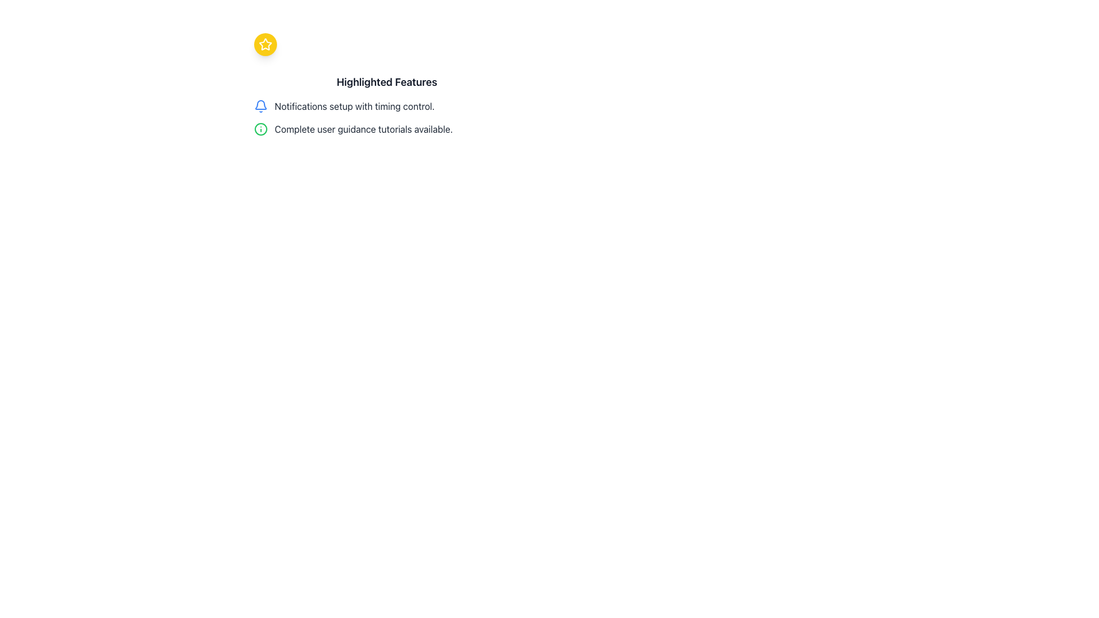 This screenshot has width=1099, height=618. I want to click on the notification bell icon, which is a blue outlined bell with a loop at the top and a clapper below, located at the start of the notifications setup text, so click(260, 106).